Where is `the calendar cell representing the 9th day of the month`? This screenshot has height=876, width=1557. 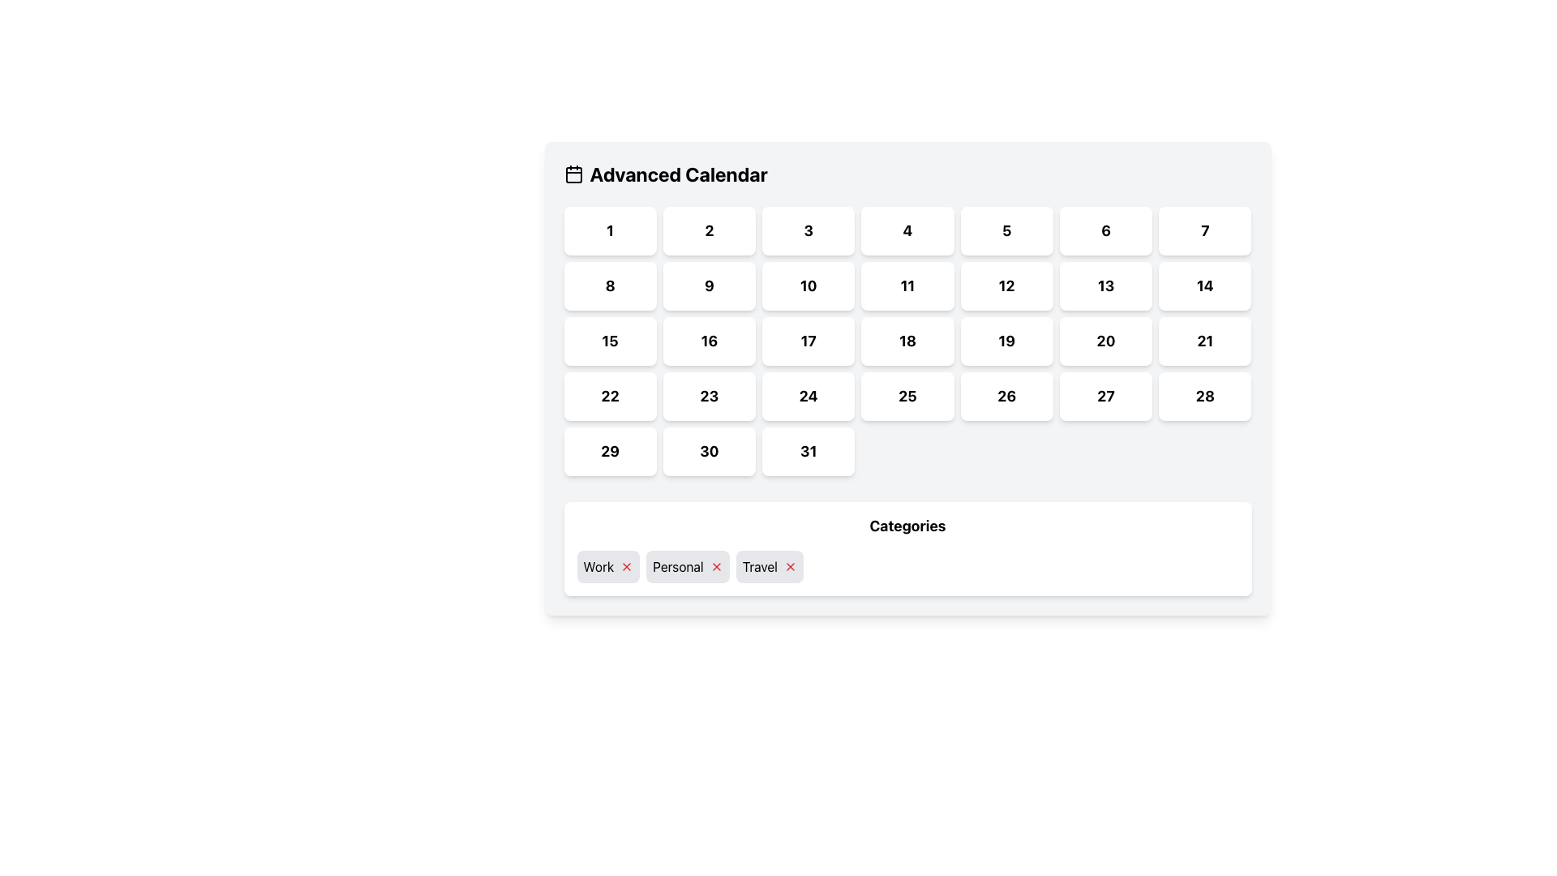 the calendar cell representing the 9th day of the month is located at coordinates (709, 286).